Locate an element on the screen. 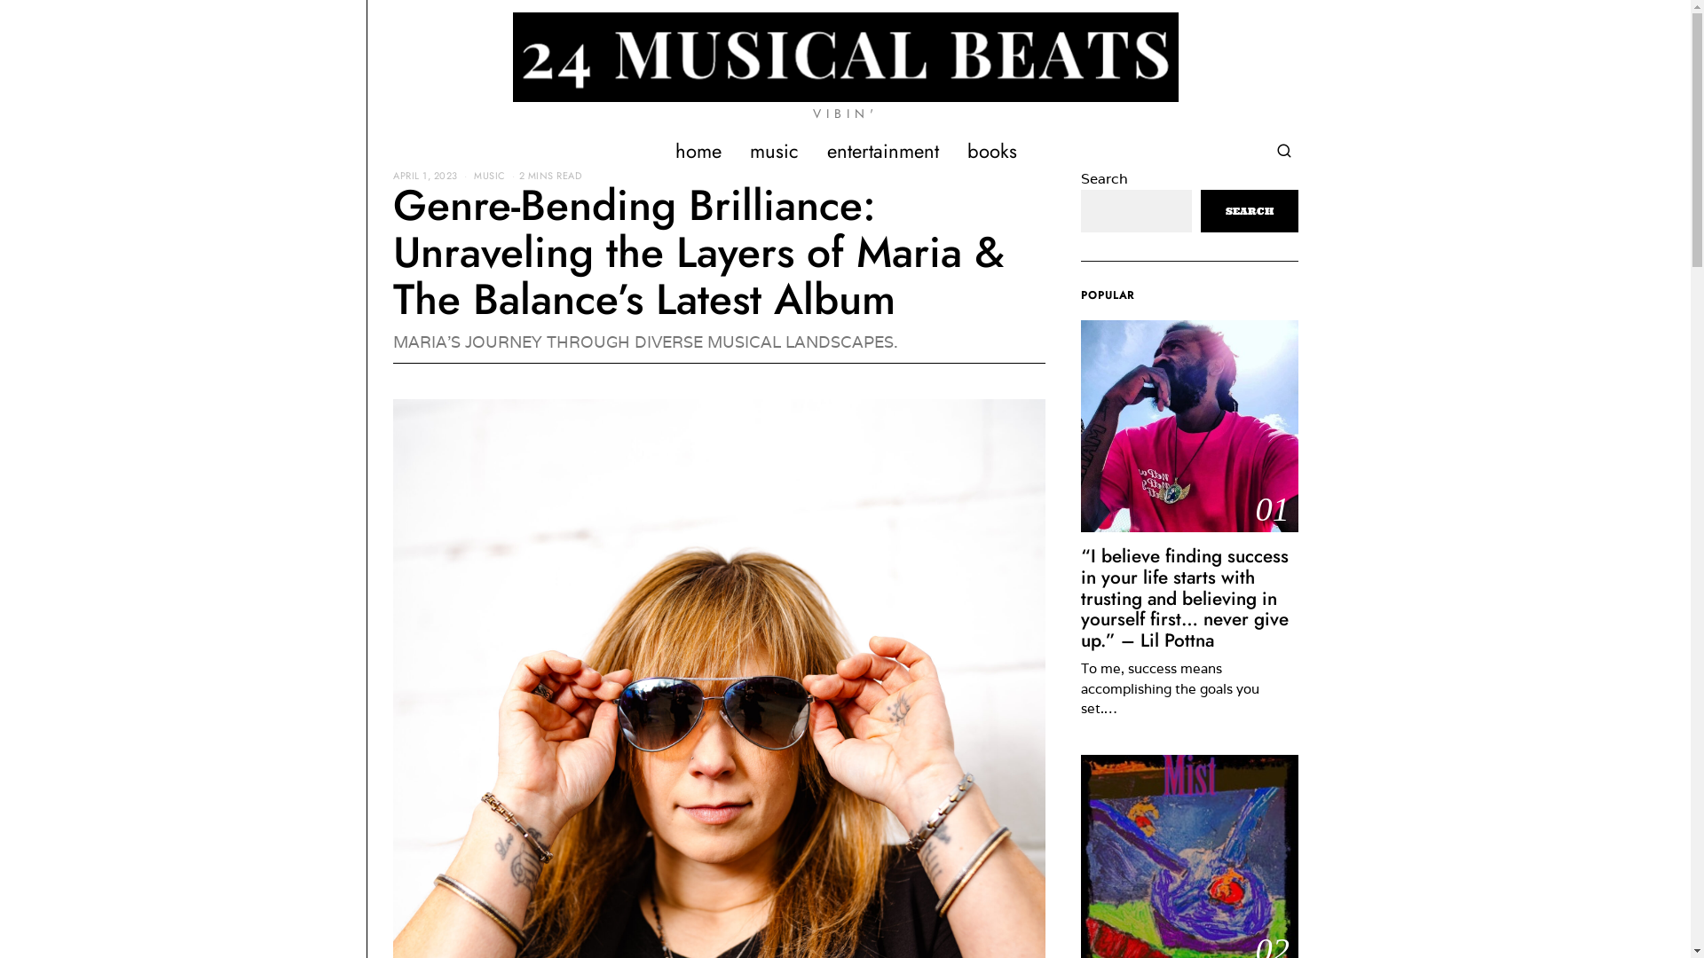  'MUSIC' is located at coordinates (490, 175).